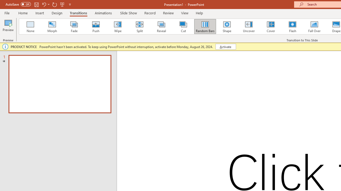 The image size is (341, 191). I want to click on 'Fall Over', so click(314, 27).